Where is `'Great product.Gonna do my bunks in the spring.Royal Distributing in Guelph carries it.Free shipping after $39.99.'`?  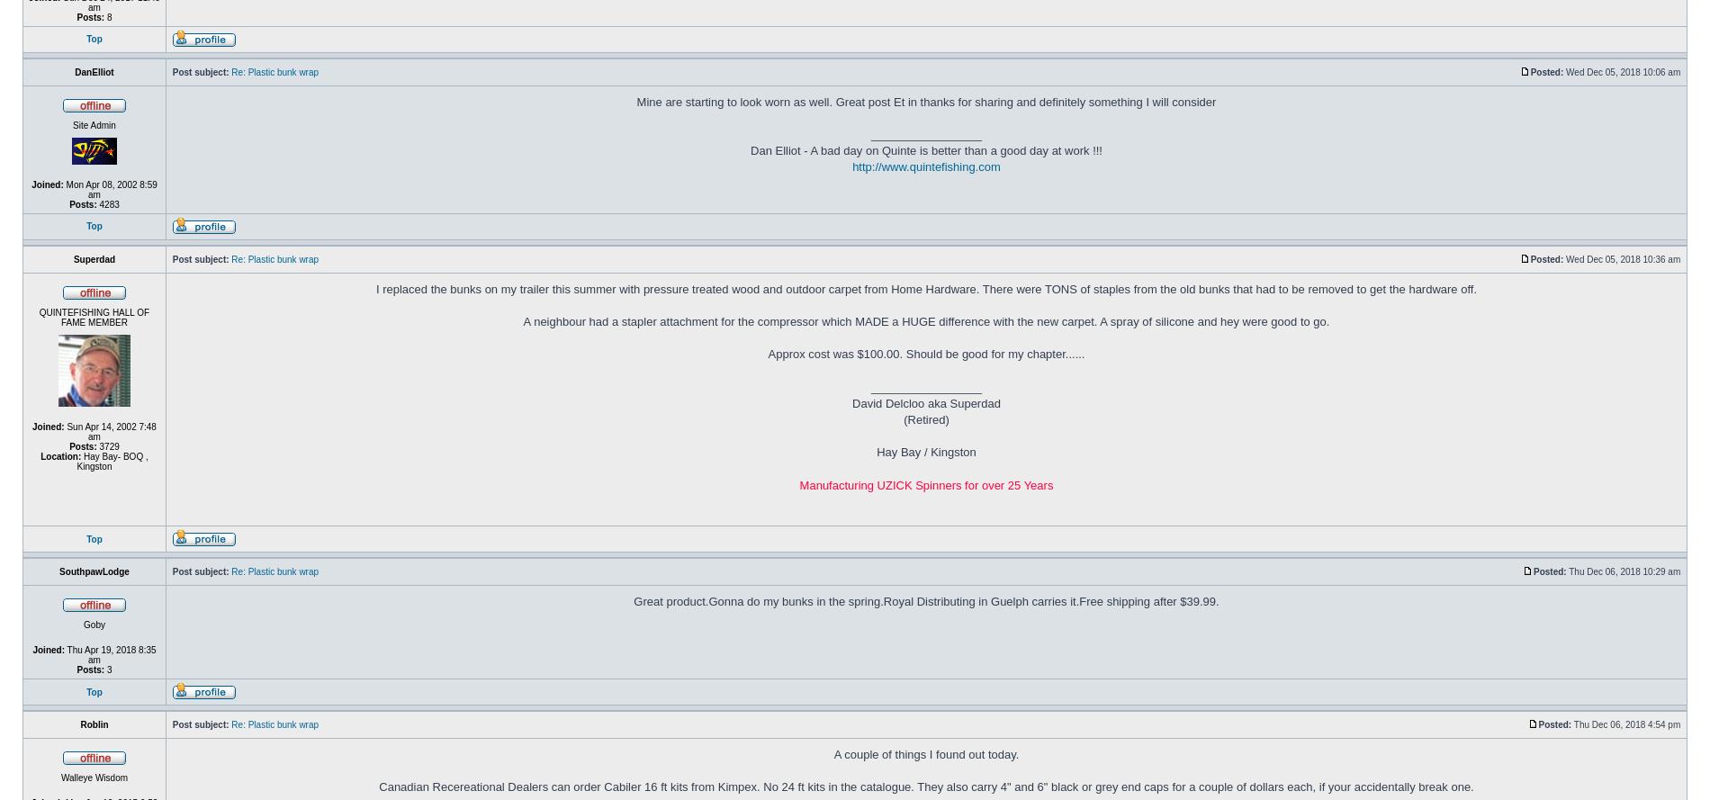 'Great product.Gonna do my bunks in the spring.Royal Distributing in Guelph carries it.Free shipping after $39.99.' is located at coordinates (926, 601).